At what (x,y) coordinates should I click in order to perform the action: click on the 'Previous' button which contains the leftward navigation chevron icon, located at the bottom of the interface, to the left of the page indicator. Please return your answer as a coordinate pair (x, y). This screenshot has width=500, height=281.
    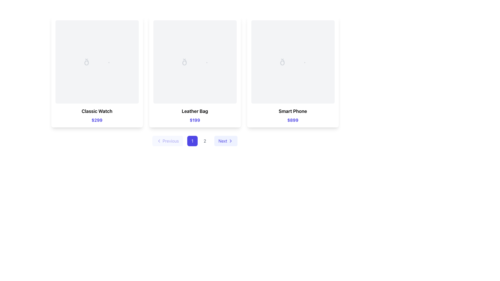
    Looking at the image, I should click on (159, 141).